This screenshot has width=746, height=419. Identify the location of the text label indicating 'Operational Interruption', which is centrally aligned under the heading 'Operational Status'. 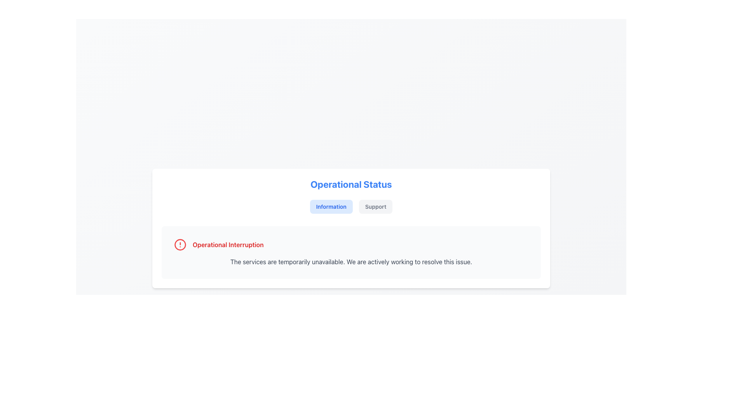
(228, 245).